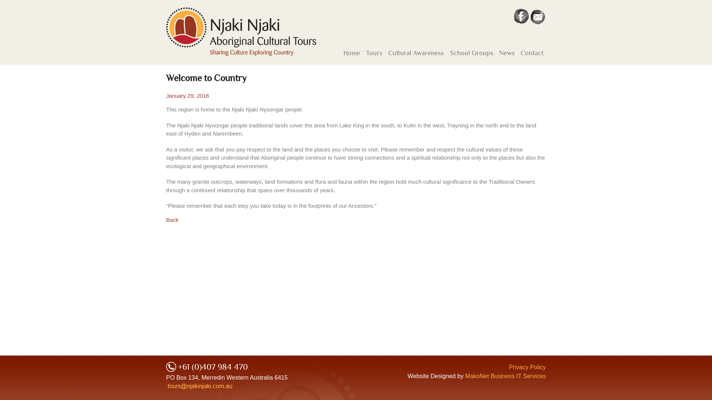 This screenshot has height=400, width=712. Describe the element at coordinates (521, 16) in the screenshot. I see `'Facebook'` at that location.